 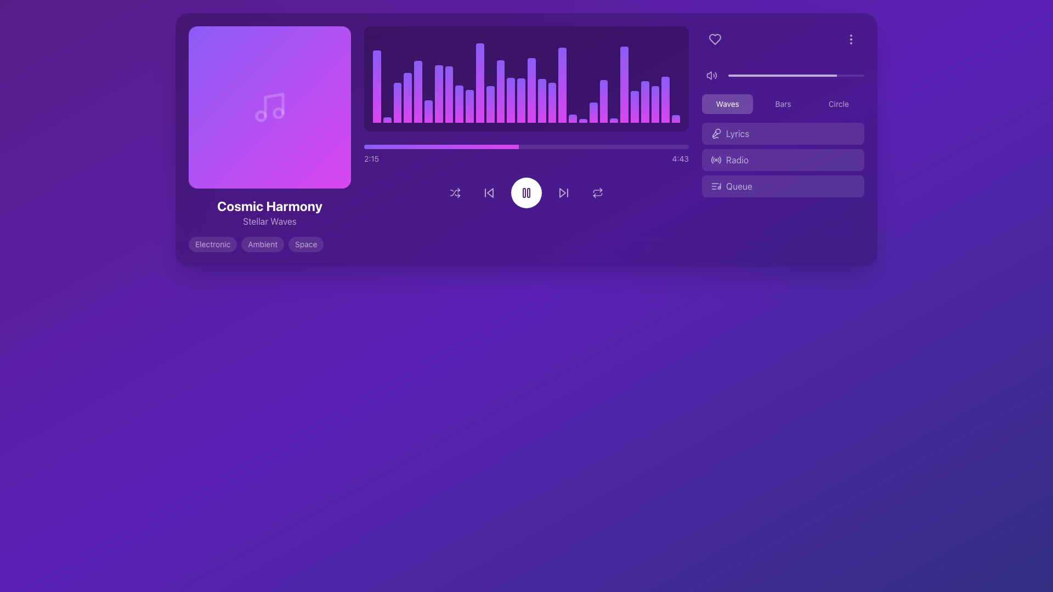 What do you see at coordinates (727, 104) in the screenshot?
I see `the first button in the horizontal set located in the upper-right section of the interface` at bounding box center [727, 104].